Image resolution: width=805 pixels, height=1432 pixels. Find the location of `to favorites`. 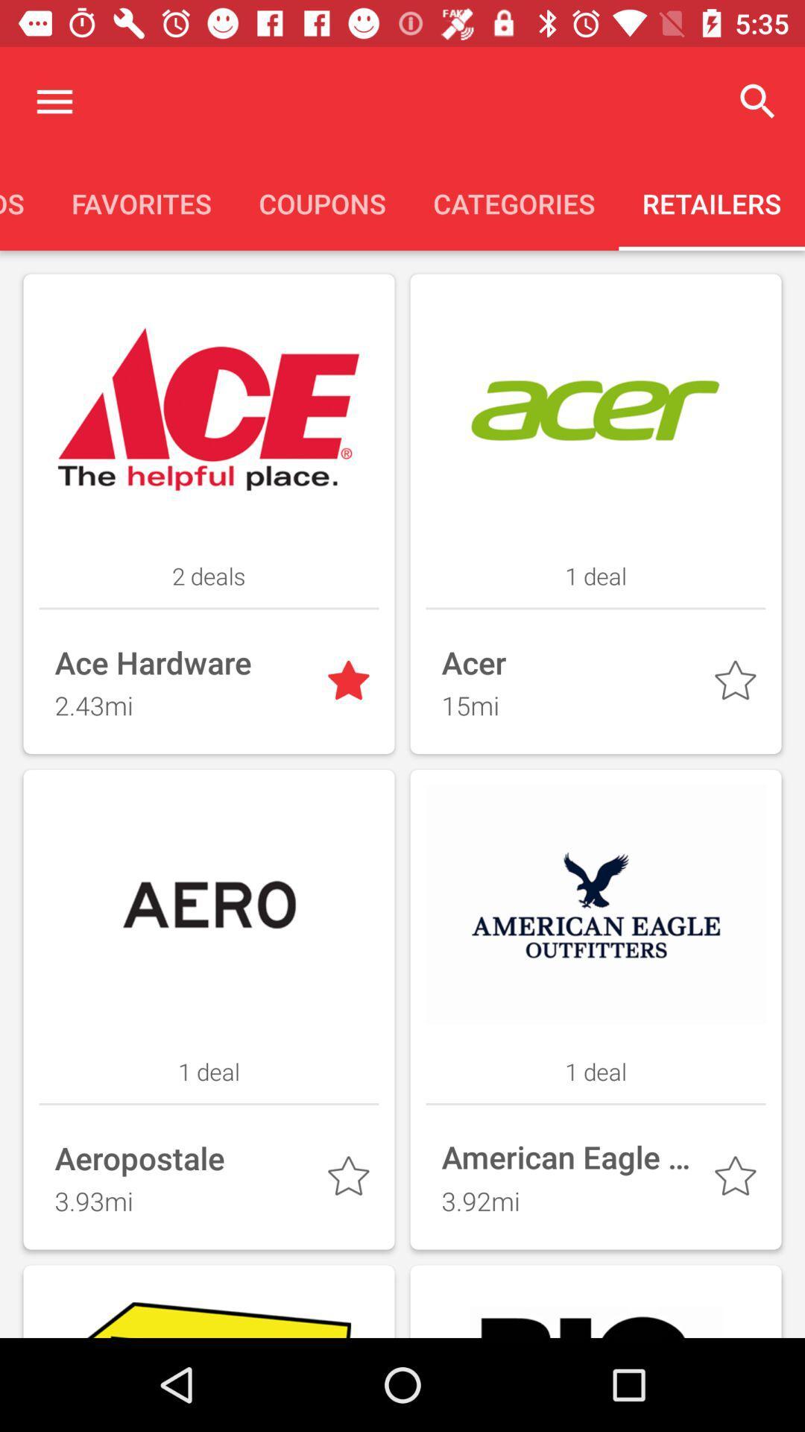

to favorites is located at coordinates (351, 1178).